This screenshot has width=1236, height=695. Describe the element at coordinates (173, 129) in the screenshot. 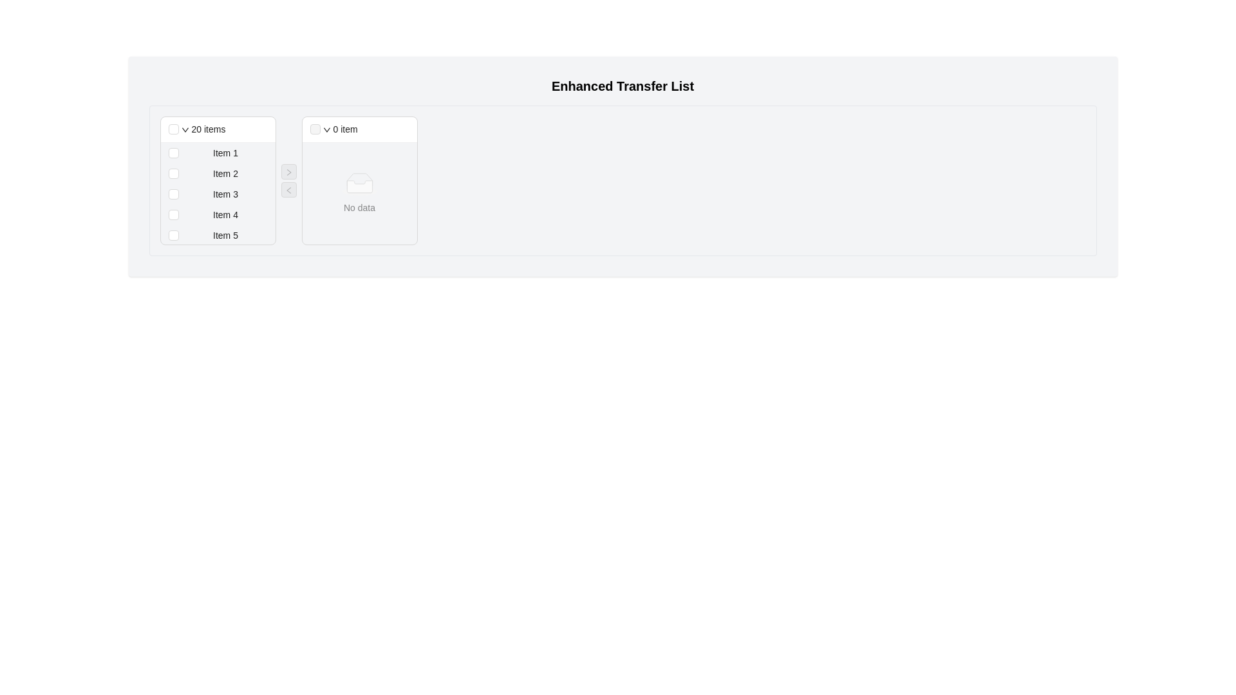

I see `the small square checkbox with a light gray border located beside the text '20 items'` at that location.